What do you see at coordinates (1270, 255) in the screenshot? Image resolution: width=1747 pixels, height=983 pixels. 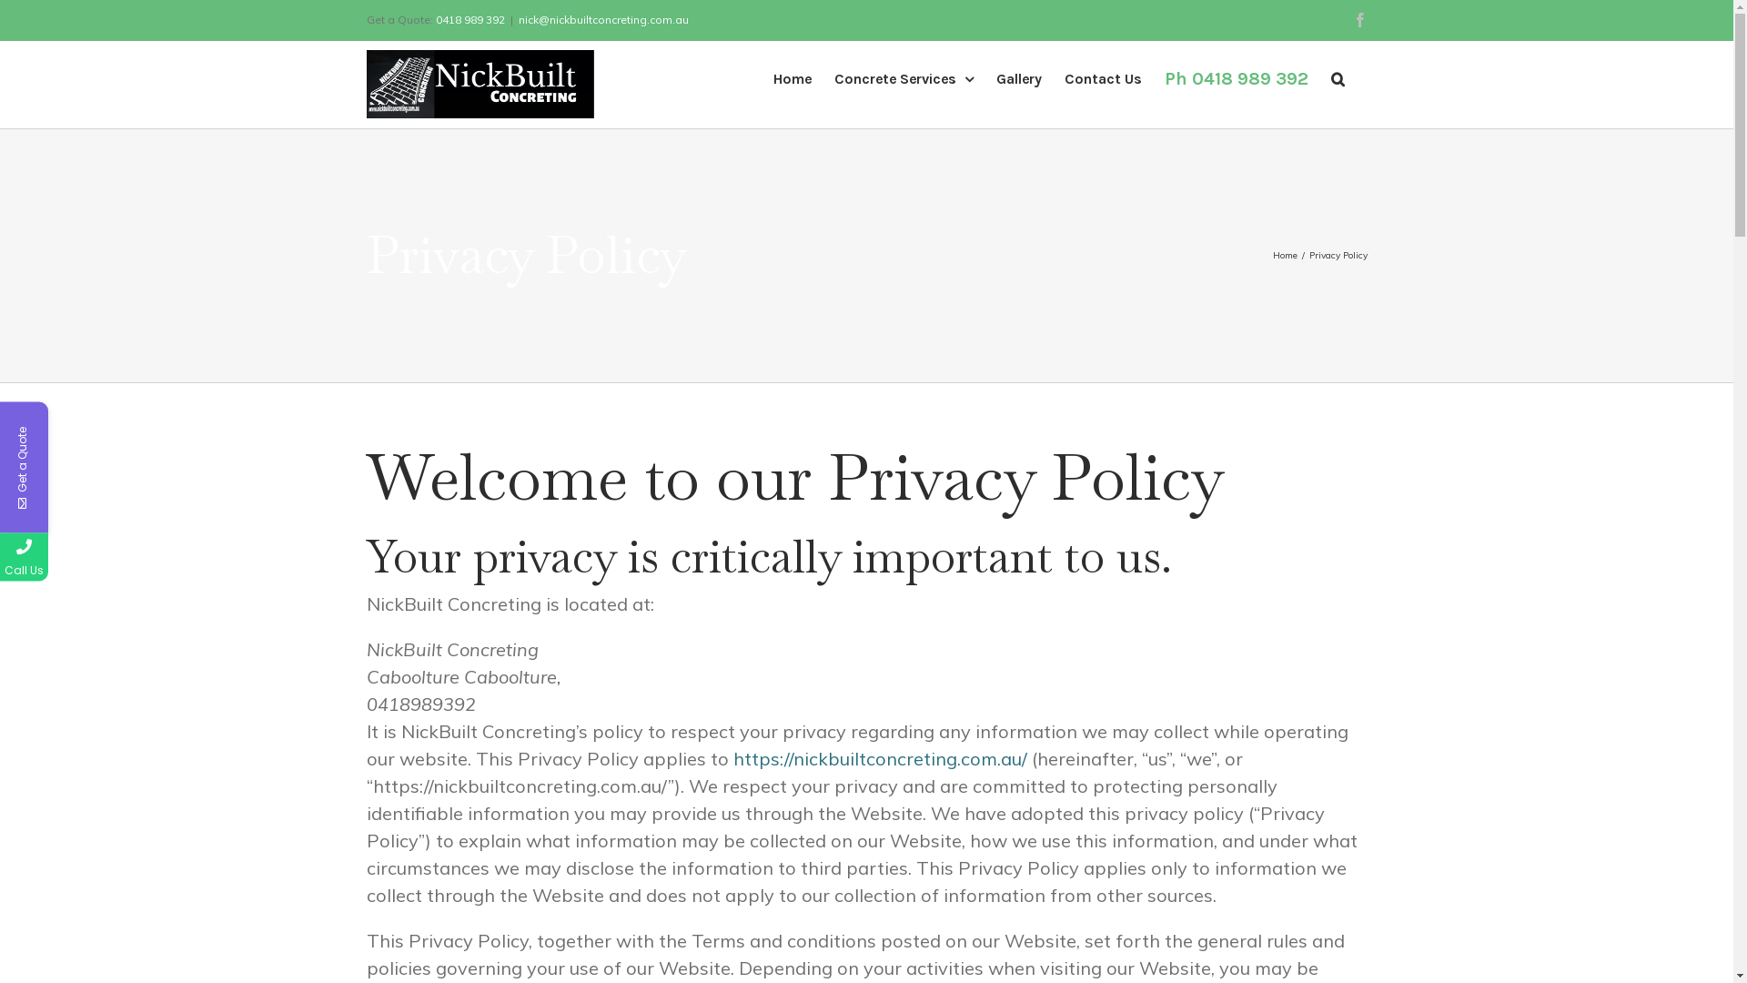 I see `'Home'` at bounding box center [1270, 255].